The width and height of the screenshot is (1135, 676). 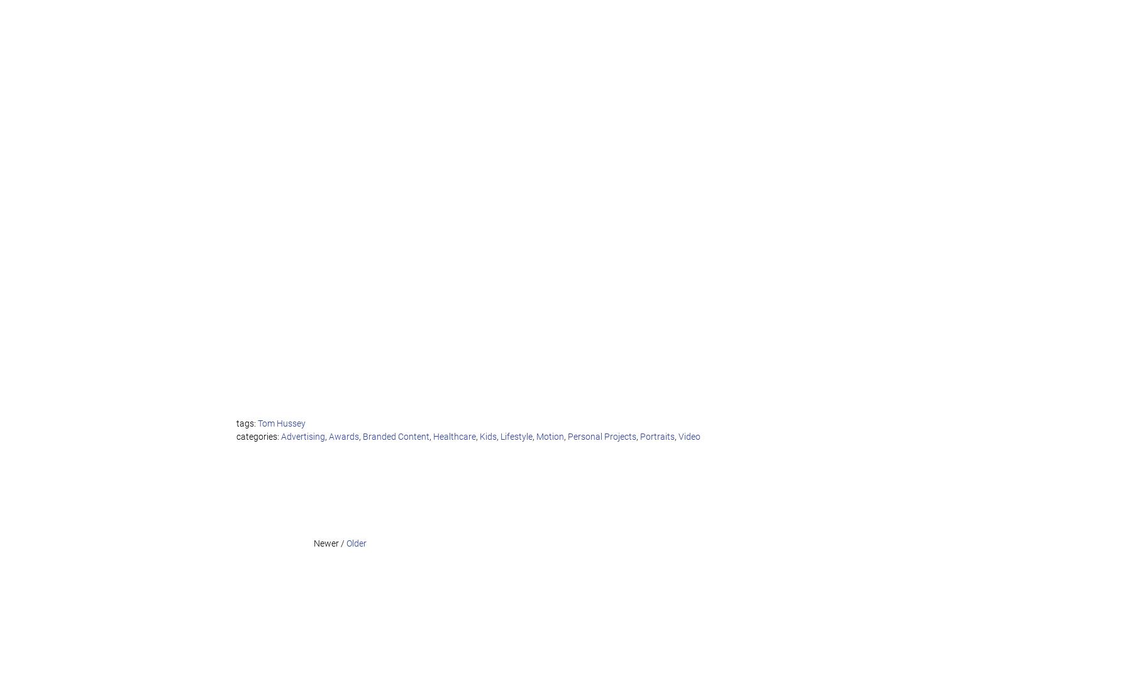 What do you see at coordinates (258, 436) in the screenshot?
I see `'categories:'` at bounding box center [258, 436].